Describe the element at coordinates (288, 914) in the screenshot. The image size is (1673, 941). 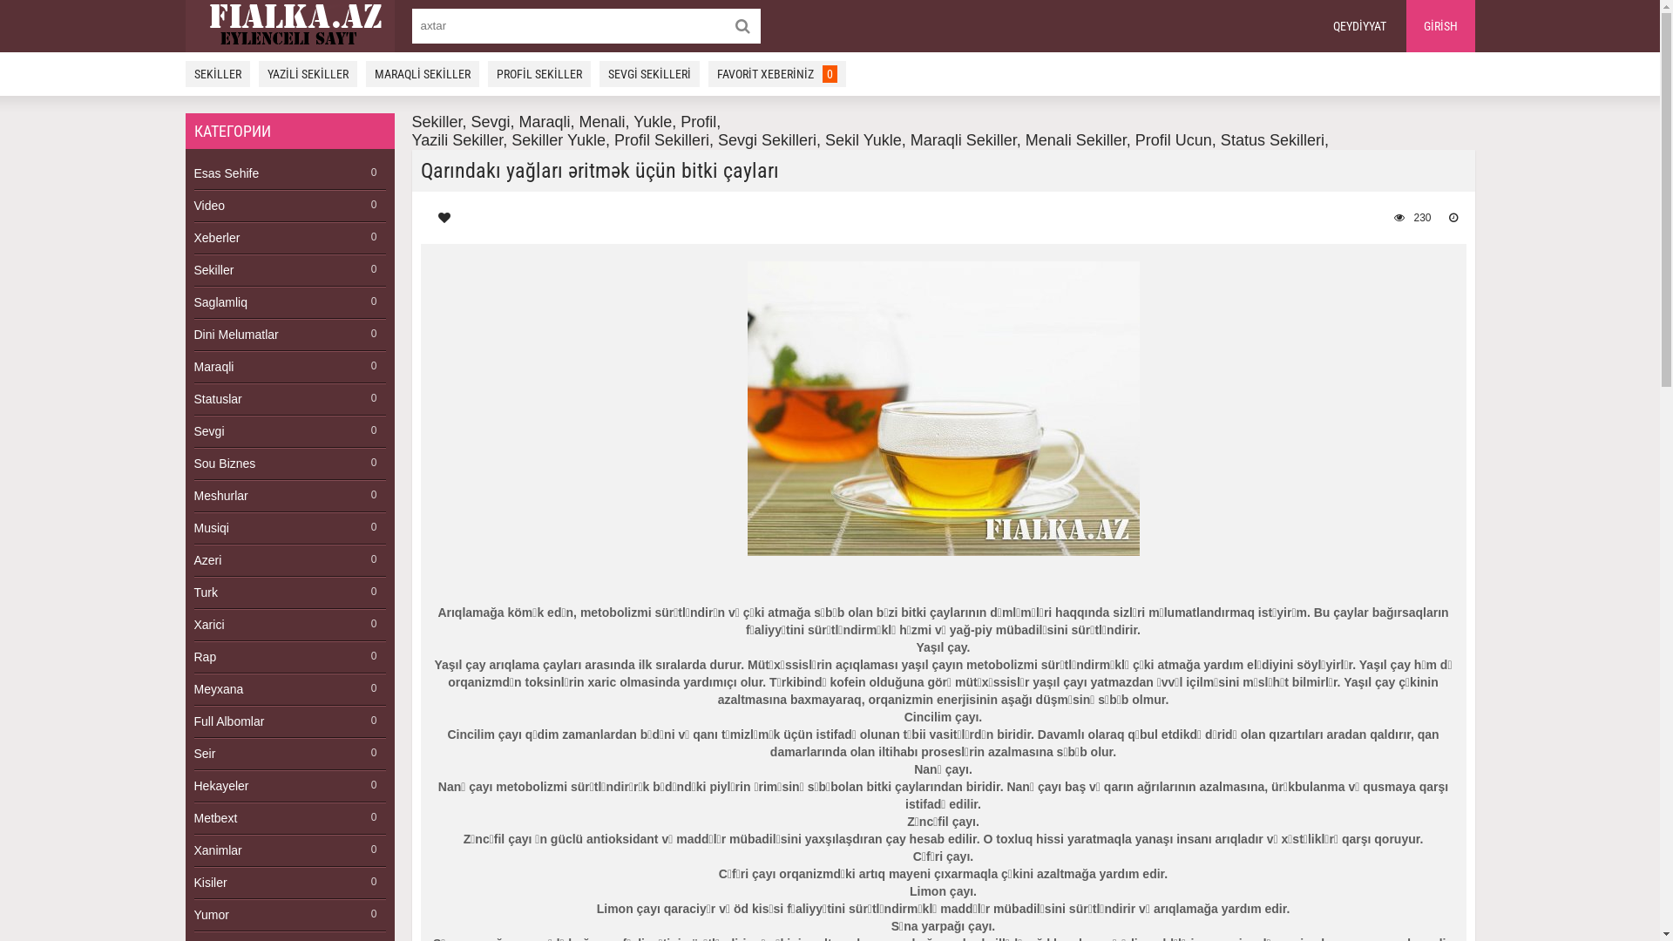
I see `'Yumor'` at that location.